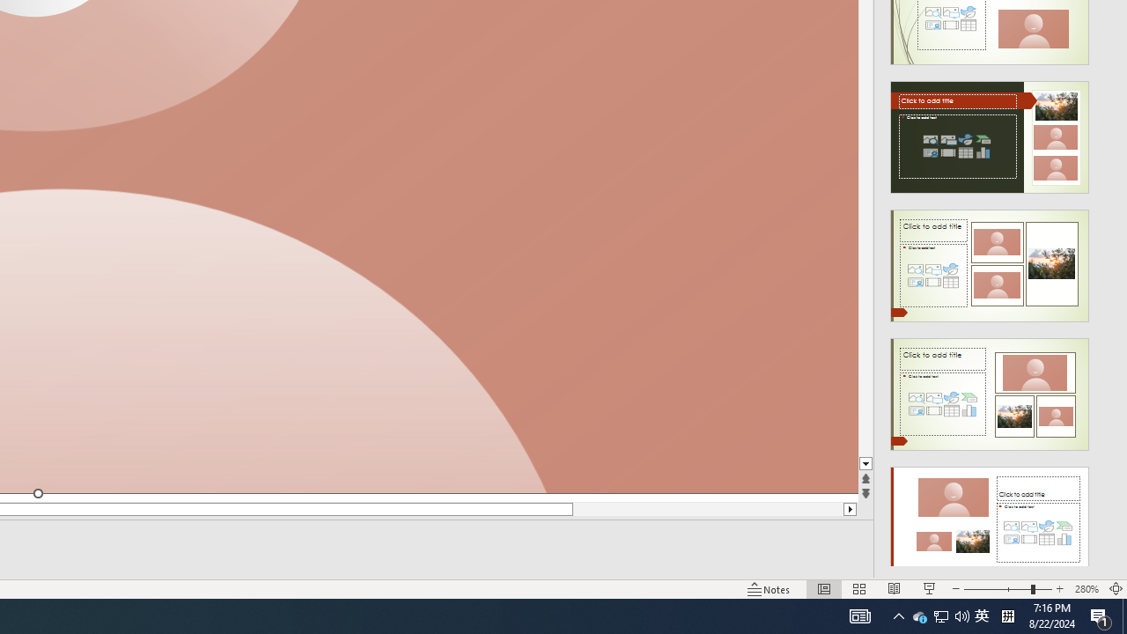 This screenshot has width=1127, height=634. I want to click on 'Design Idea', so click(990, 516).